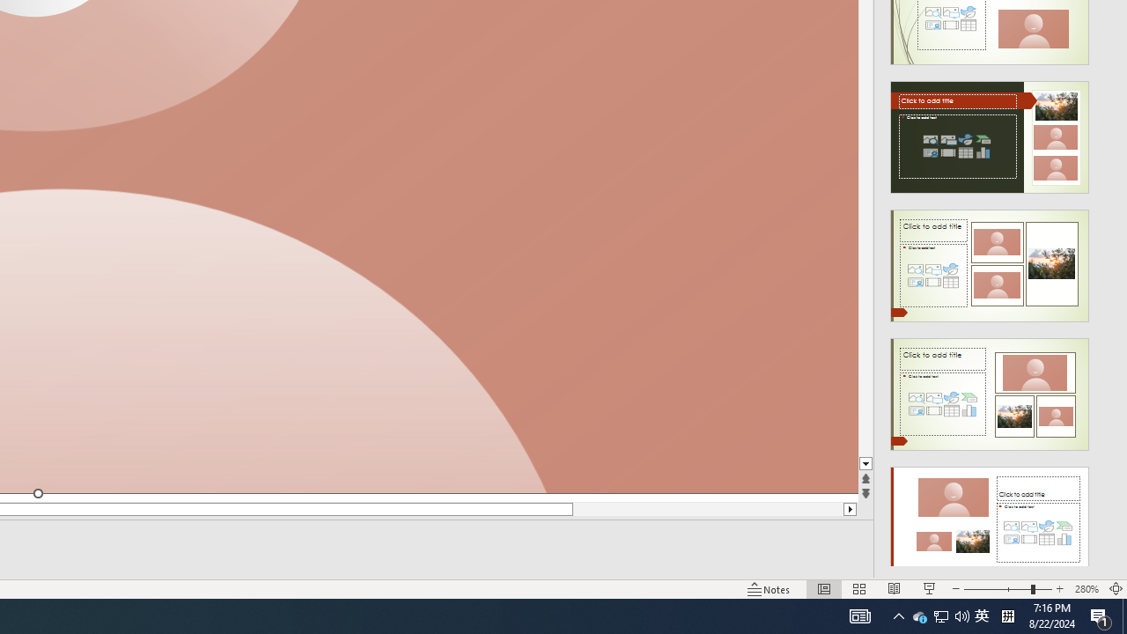 This screenshot has width=1127, height=634. I want to click on 'Design Idea', so click(990, 516).